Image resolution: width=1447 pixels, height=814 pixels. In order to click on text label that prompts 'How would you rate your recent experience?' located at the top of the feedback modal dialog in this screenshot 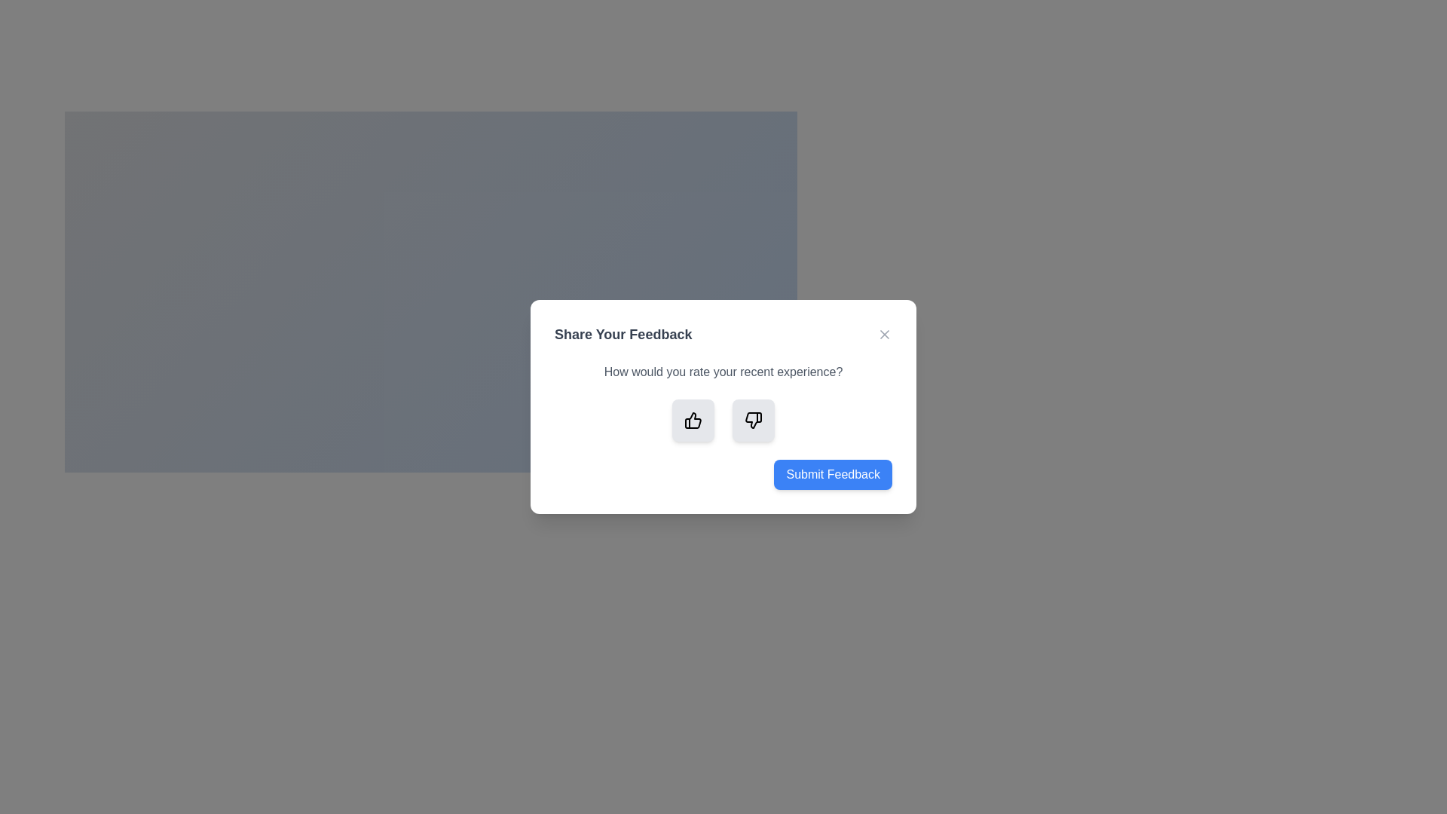, I will do `click(723, 372)`.